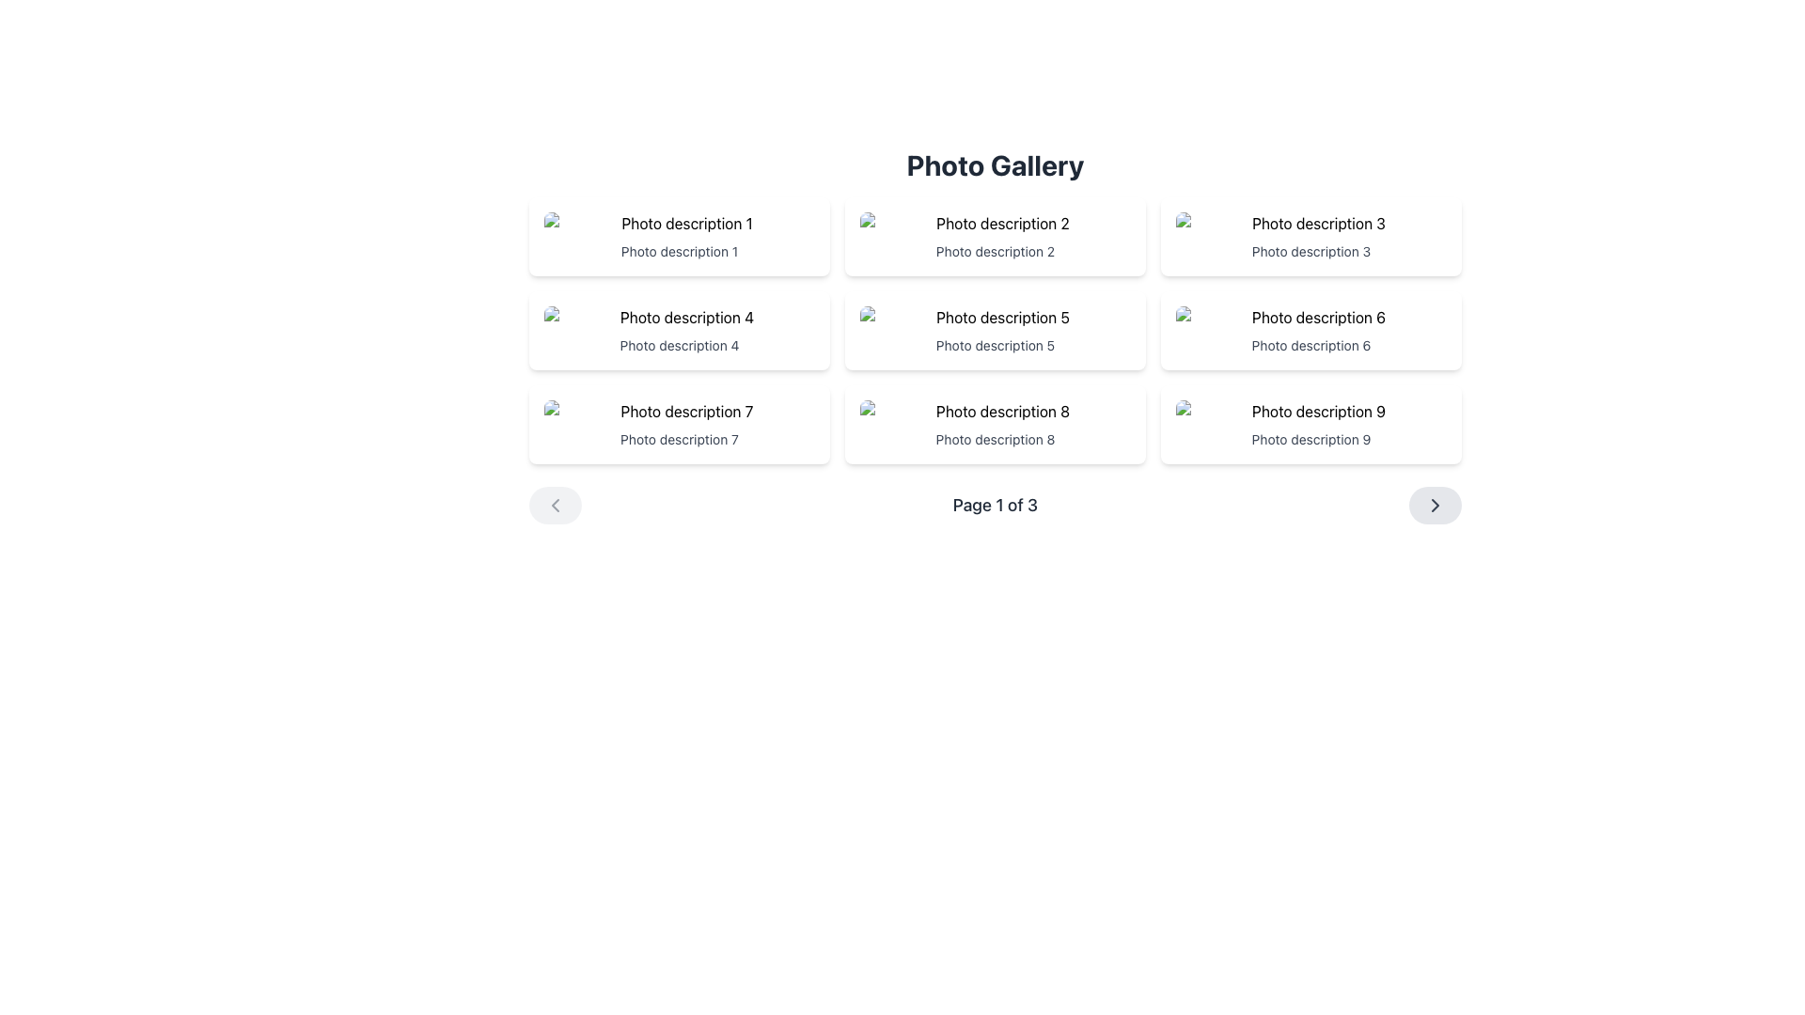 This screenshot has height=1015, width=1805. What do you see at coordinates (995, 345) in the screenshot?
I see `the text label that provides context for the 'Photo 5' image placeholder in the central card of the second row in the photo gallery interface` at bounding box center [995, 345].